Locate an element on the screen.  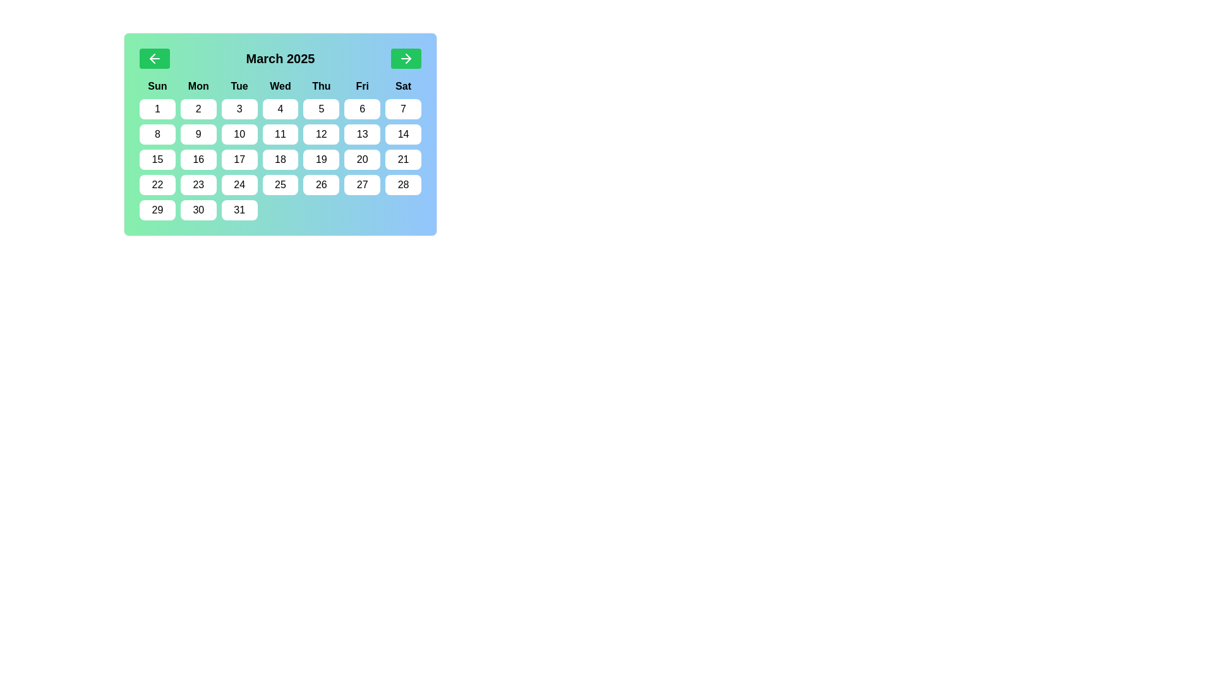
the right-pointing arrow icon within the green rectangular button, which is located in the calendar header is located at coordinates (406, 58).